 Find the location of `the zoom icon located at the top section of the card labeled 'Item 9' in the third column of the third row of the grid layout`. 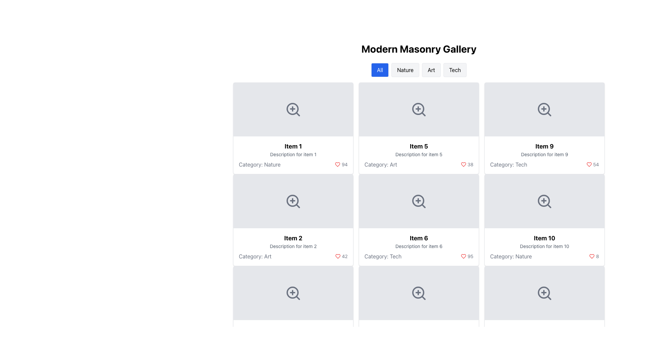

the zoom icon located at the top section of the card labeled 'Item 9' in the third column of the third row of the grid layout is located at coordinates (545, 109).